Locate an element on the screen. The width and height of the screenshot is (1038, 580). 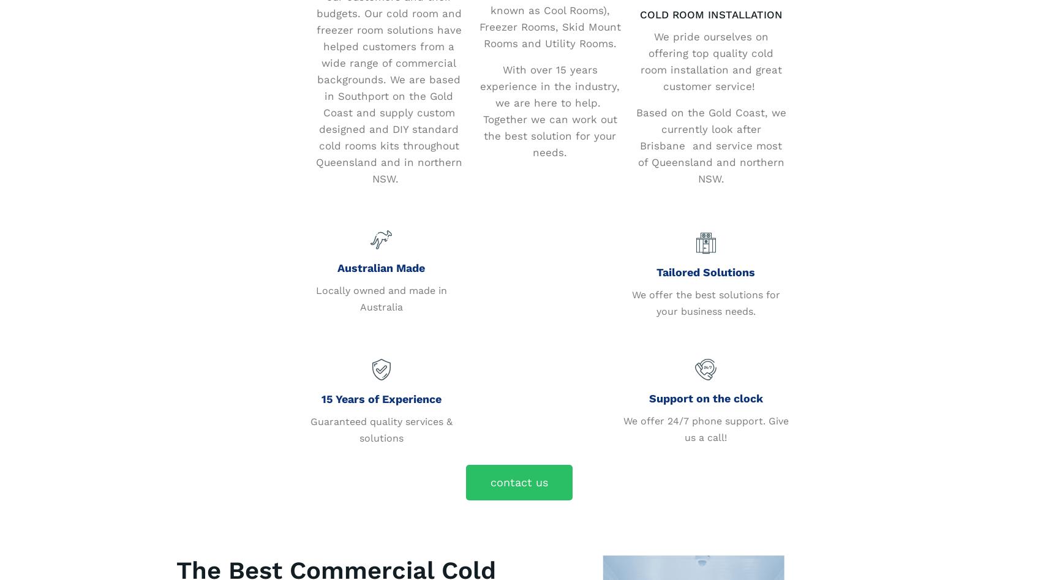
'Based on the Gold Coast, we currently look after Brisbane  and service most of Queensland and northern NSW.' is located at coordinates (710, 145).